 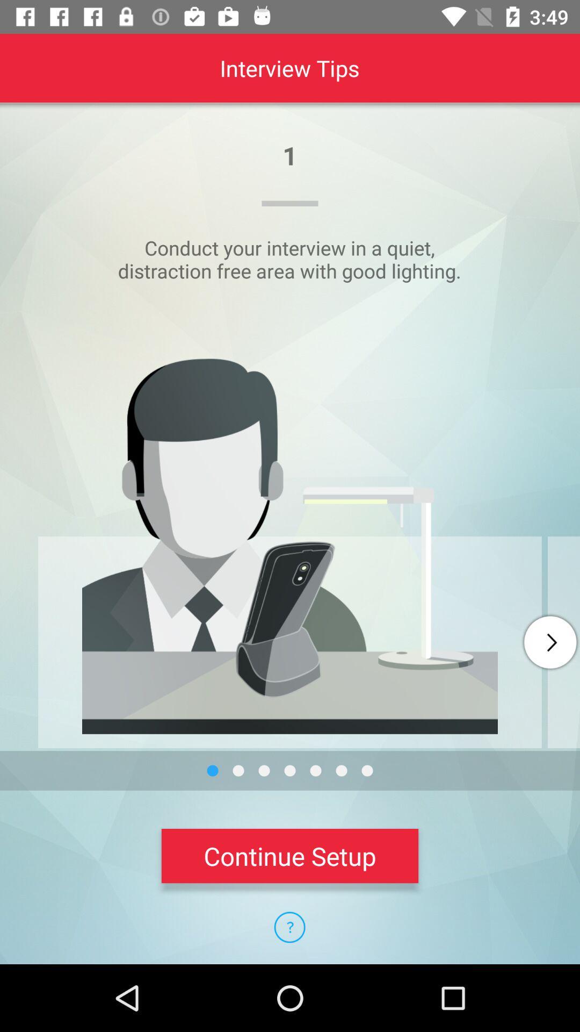 I want to click on next step, so click(x=550, y=642).